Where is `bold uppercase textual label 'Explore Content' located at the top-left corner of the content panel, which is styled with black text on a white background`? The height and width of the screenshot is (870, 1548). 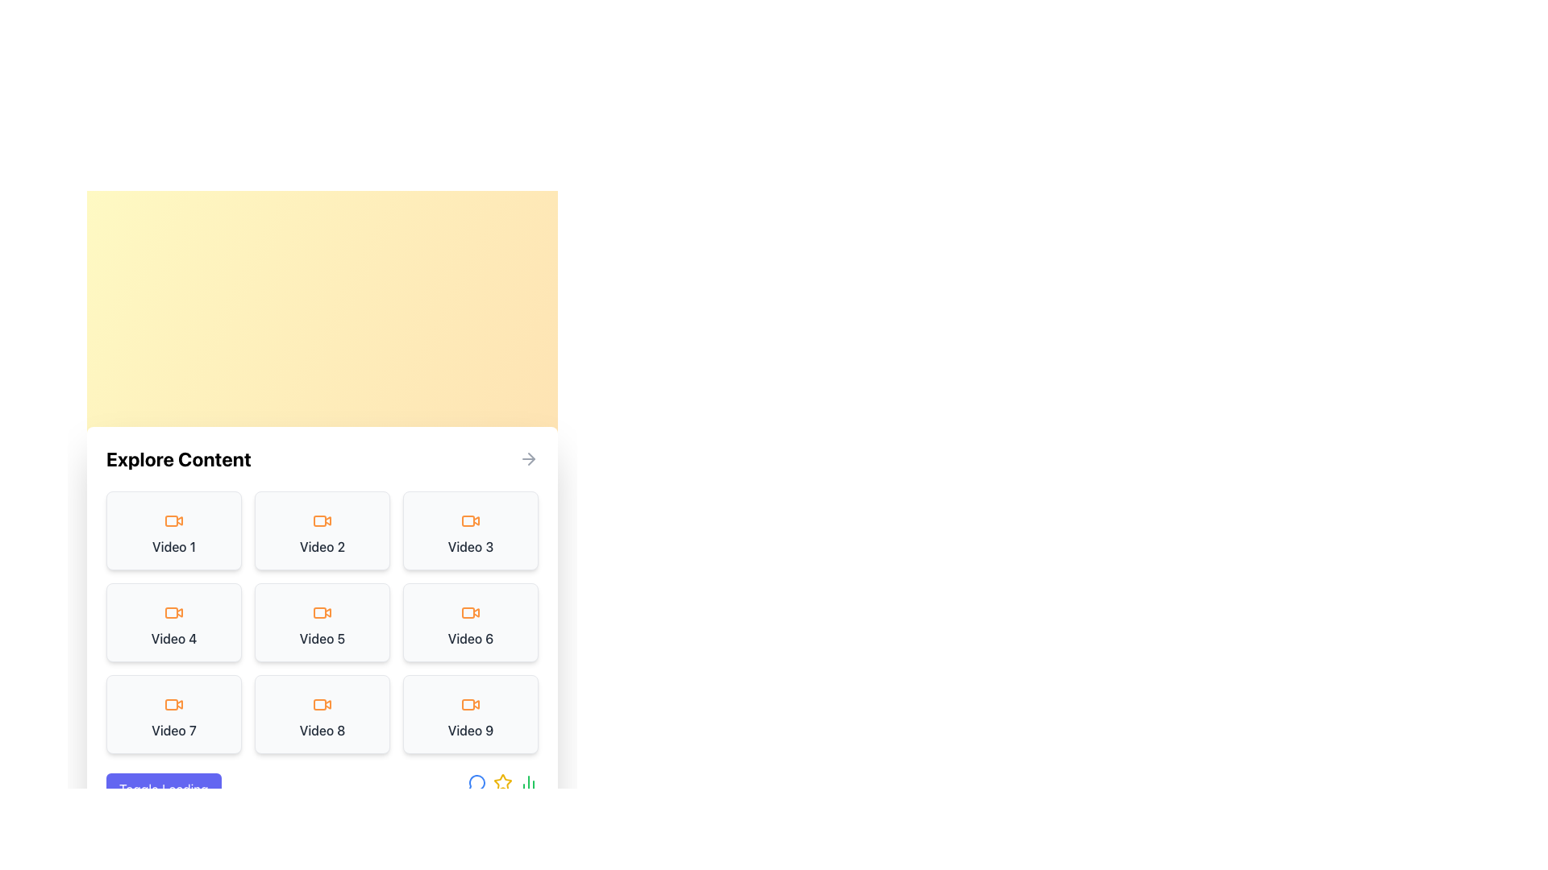 bold uppercase textual label 'Explore Content' located at the top-left corner of the content panel, which is styled with black text on a white background is located at coordinates (178, 459).